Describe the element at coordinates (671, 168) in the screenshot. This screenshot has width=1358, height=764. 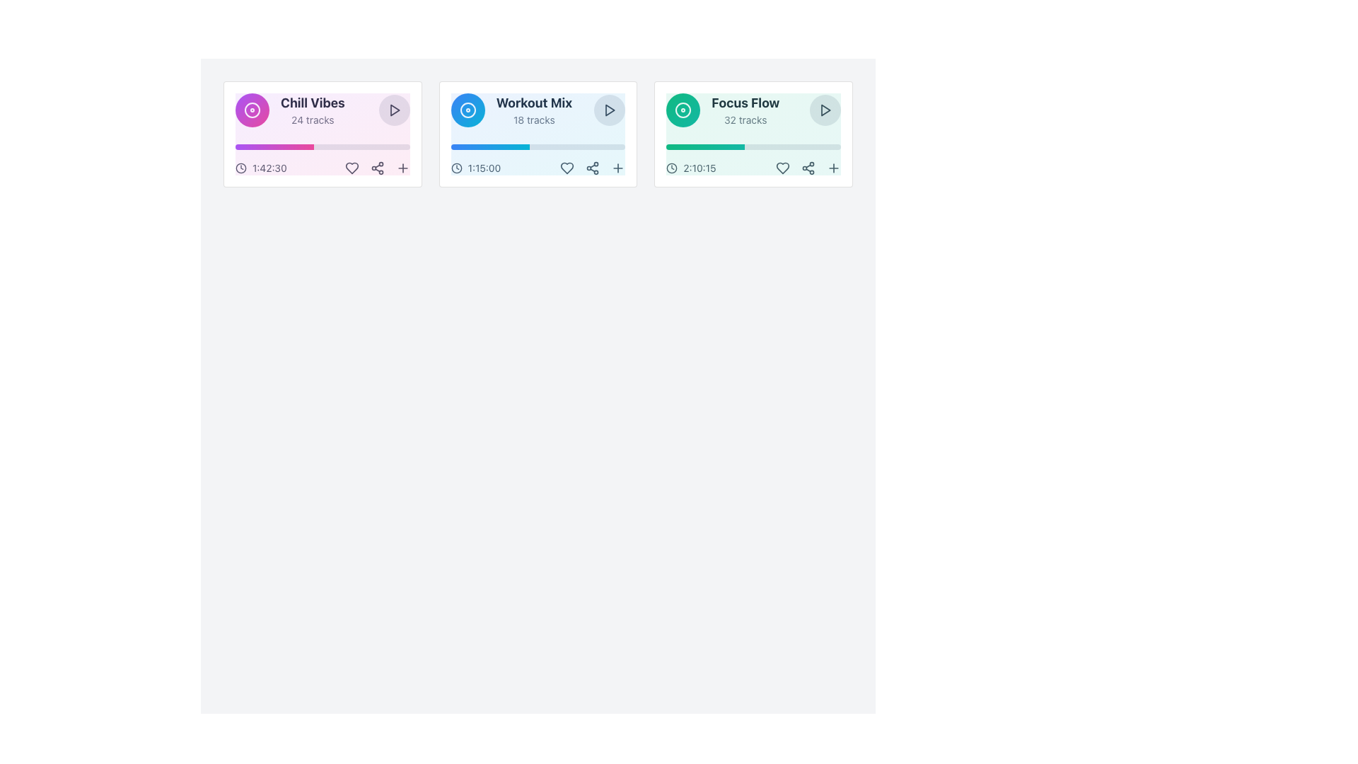
I see `the decorative clock icon represented by the circular SVG element located in the 'Focus Flow' card near the bottom left corner` at that location.